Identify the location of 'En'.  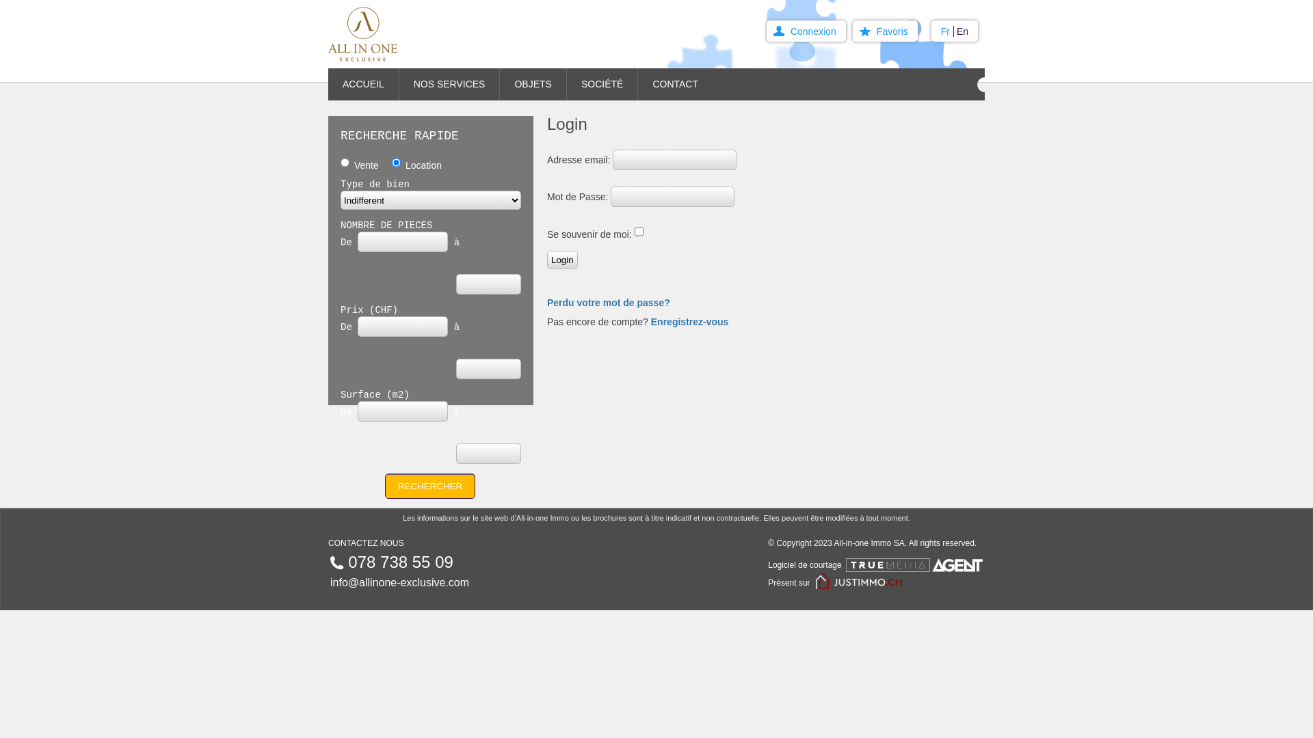
(955, 31).